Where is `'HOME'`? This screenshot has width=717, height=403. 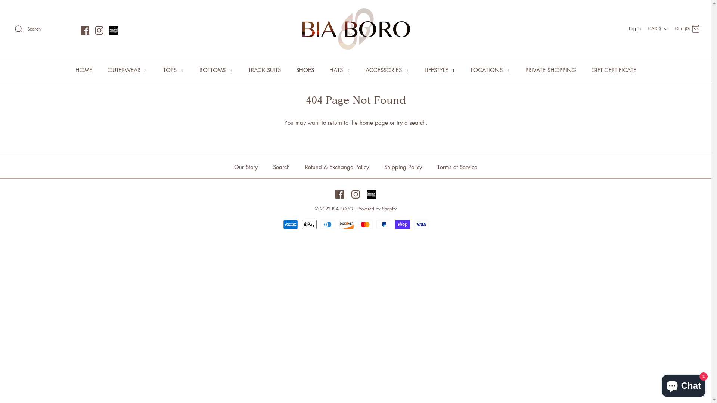 'HOME' is located at coordinates (84, 70).